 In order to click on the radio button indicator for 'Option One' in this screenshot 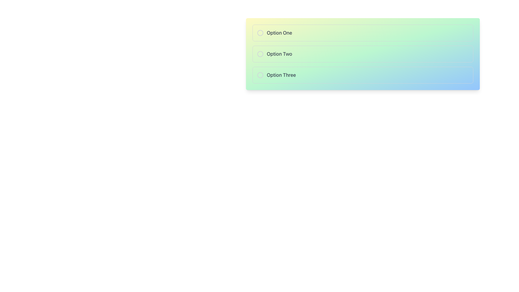, I will do `click(260, 33)`.